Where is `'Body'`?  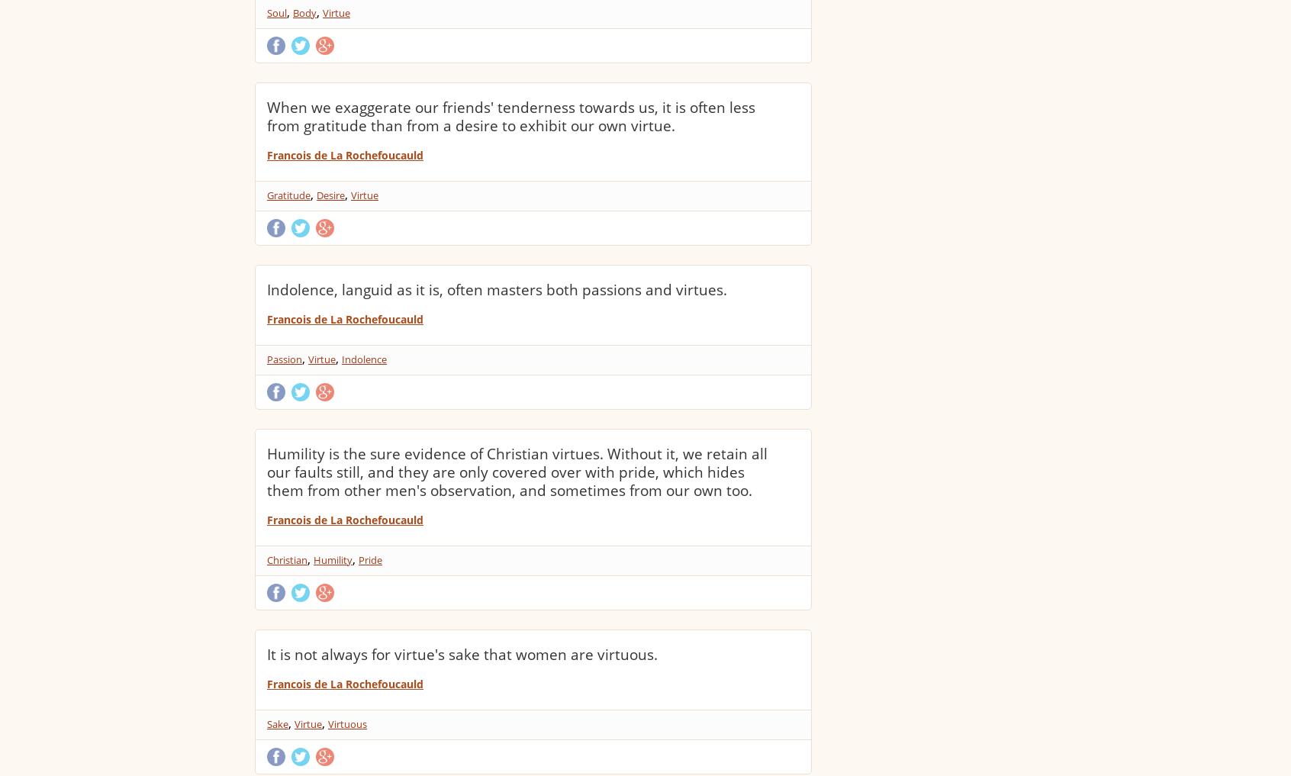
'Body' is located at coordinates (304, 11).